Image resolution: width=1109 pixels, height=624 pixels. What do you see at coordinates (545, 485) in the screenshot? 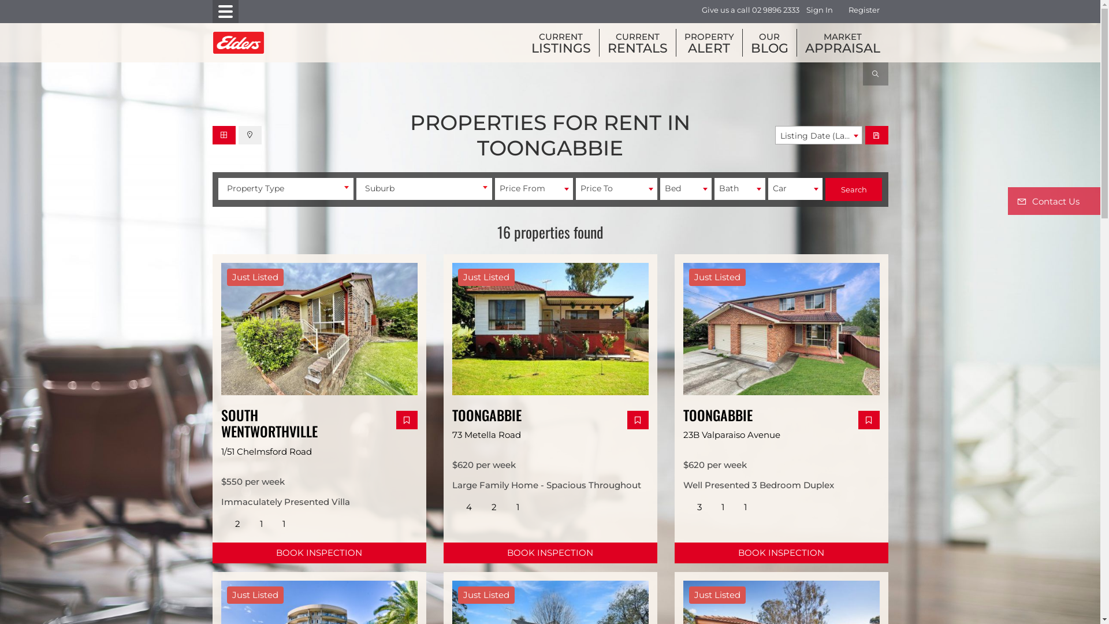
I see `'Large Family Home - Spacious Throughout'` at bounding box center [545, 485].